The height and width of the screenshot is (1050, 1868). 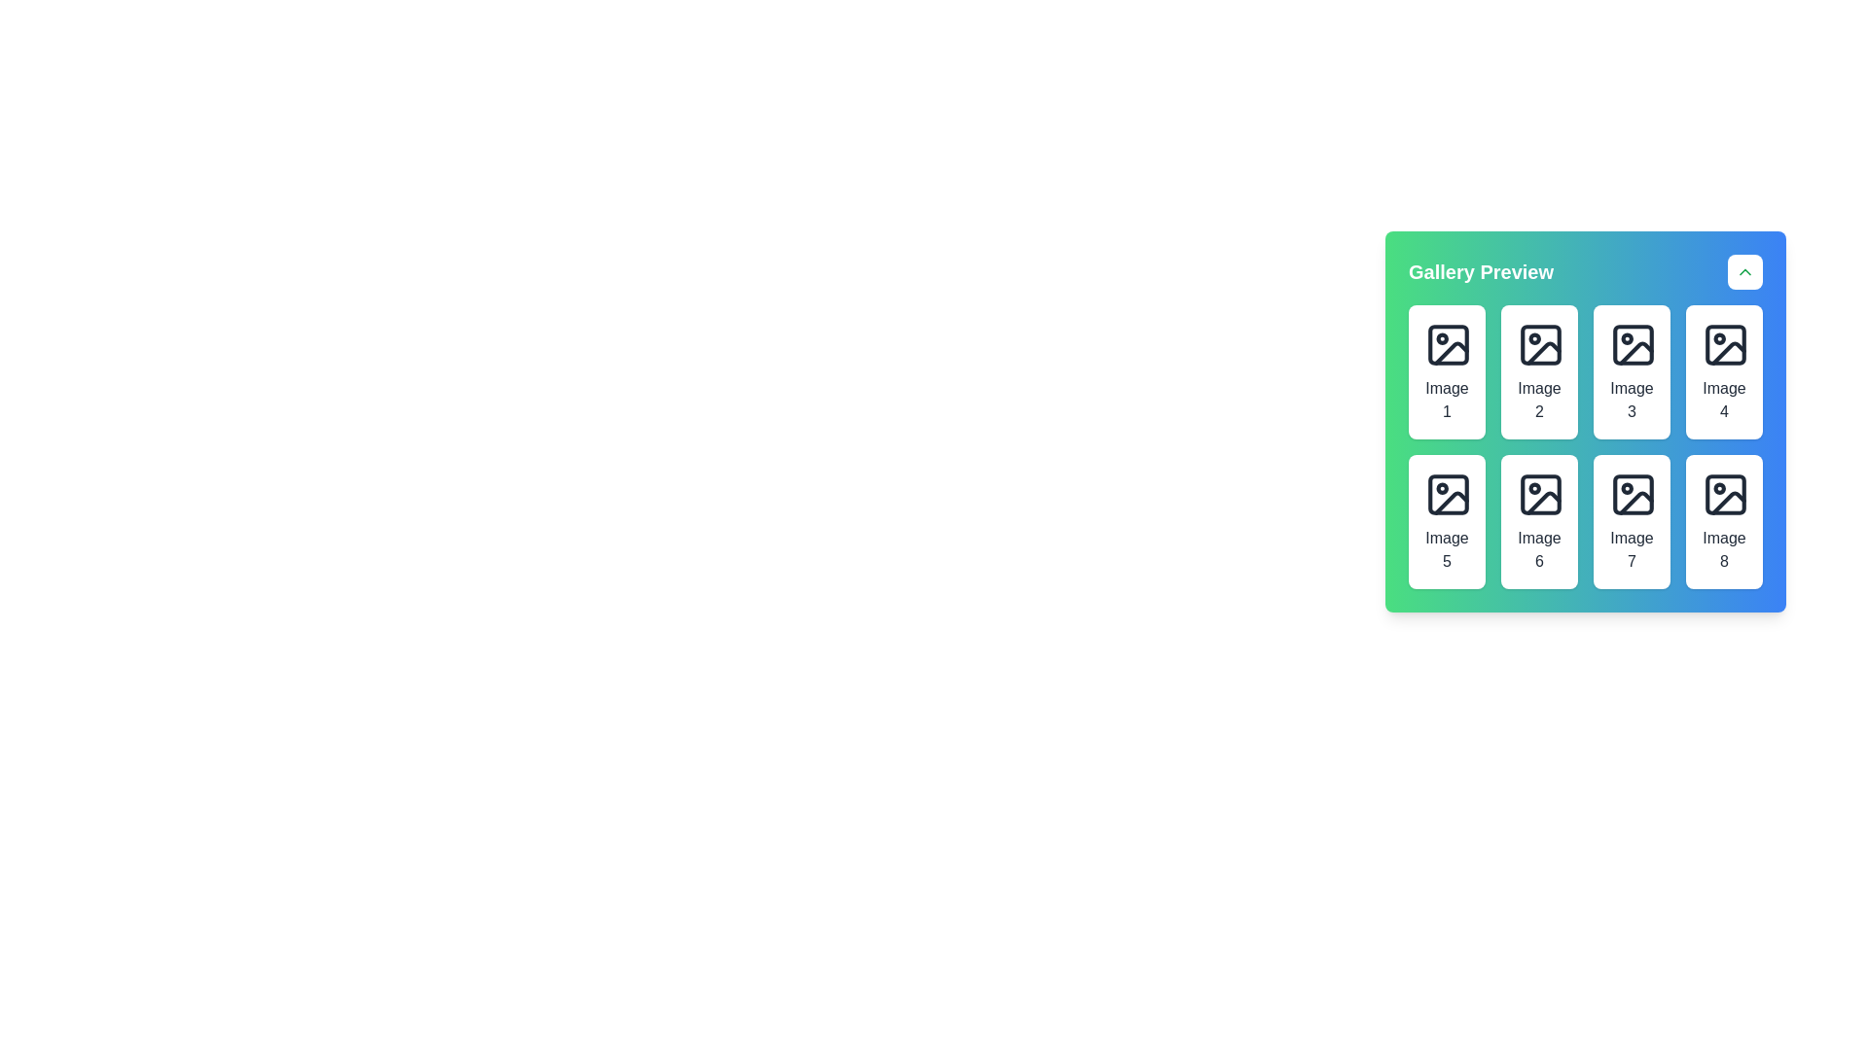 I want to click on the static text label displaying 'Image 4', which is located below an image icon in the fourth cell of a grid layout, so click(x=1724, y=400).